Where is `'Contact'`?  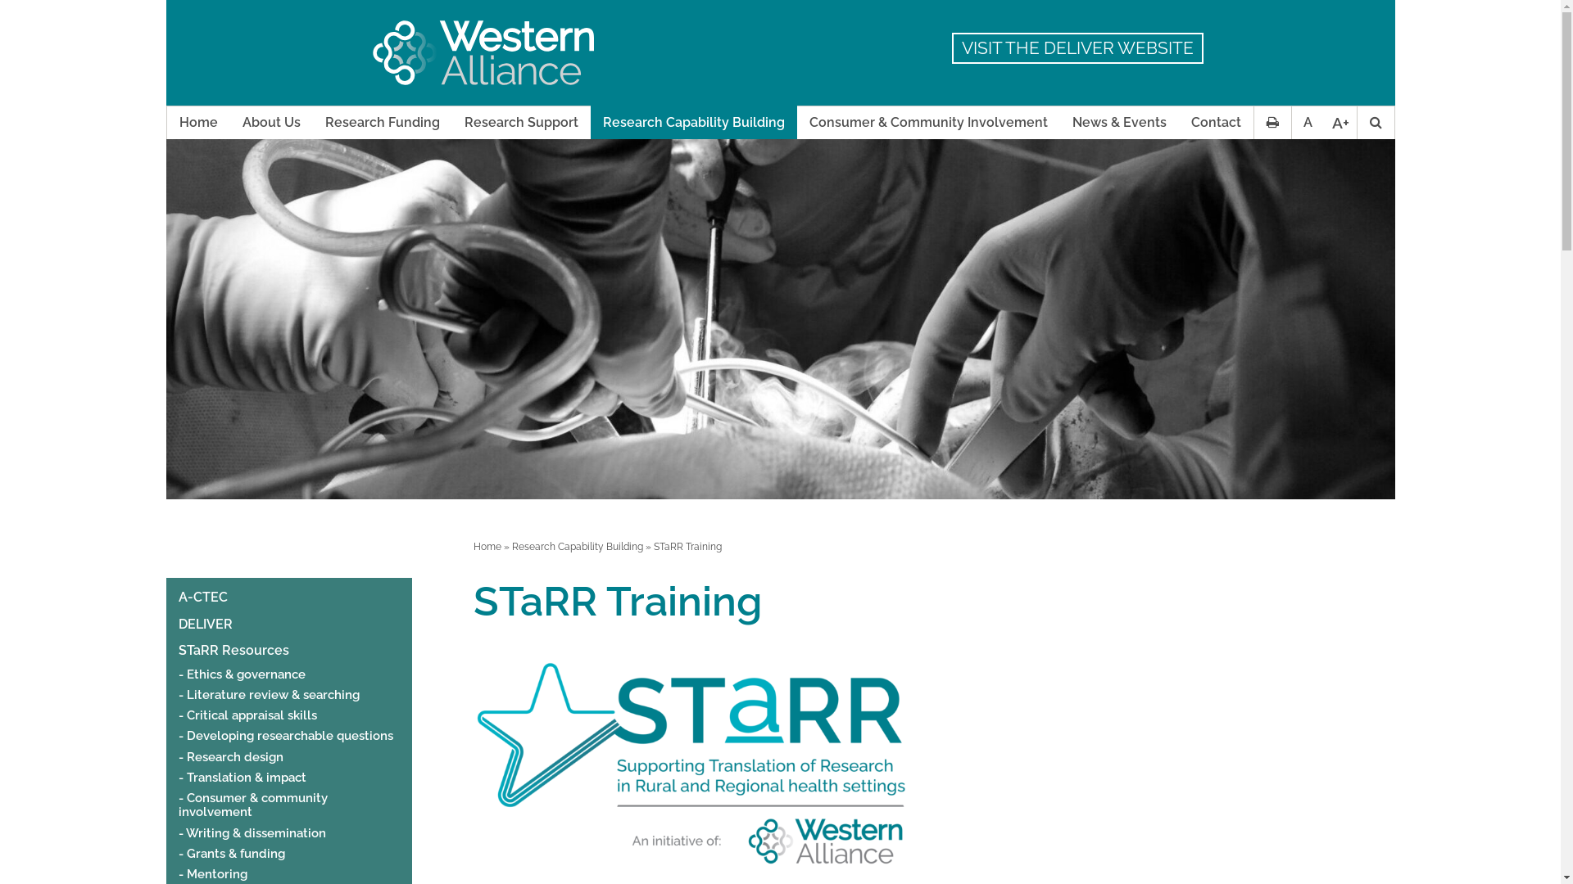 'Contact' is located at coordinates (1215, 122).